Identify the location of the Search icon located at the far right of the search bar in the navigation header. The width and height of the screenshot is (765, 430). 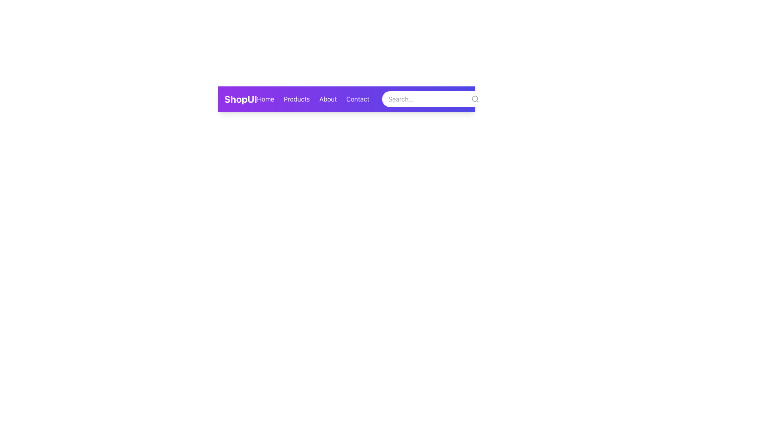
(475, 99).